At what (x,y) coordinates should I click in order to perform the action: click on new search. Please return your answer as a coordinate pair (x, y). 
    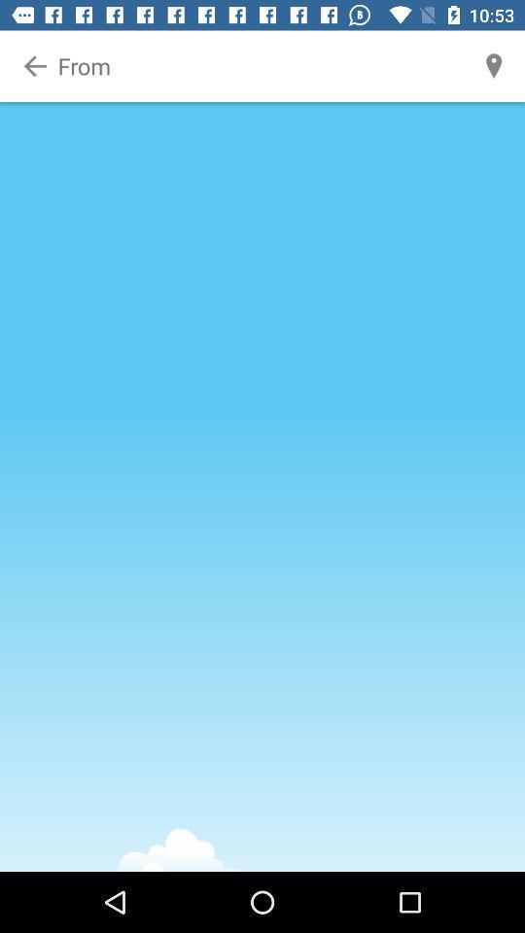
    Looking at the image, I should click on (262, 66).